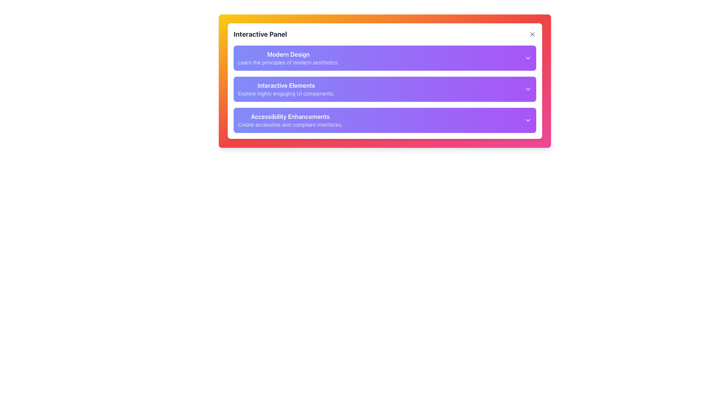 The height and width of the screenshot is (400, 712). What do you see at coordinates (385, 89) in the screenshot?
I see `the 'Interactive Elements' button for navigation assistance` at bounding box center [385, 89].